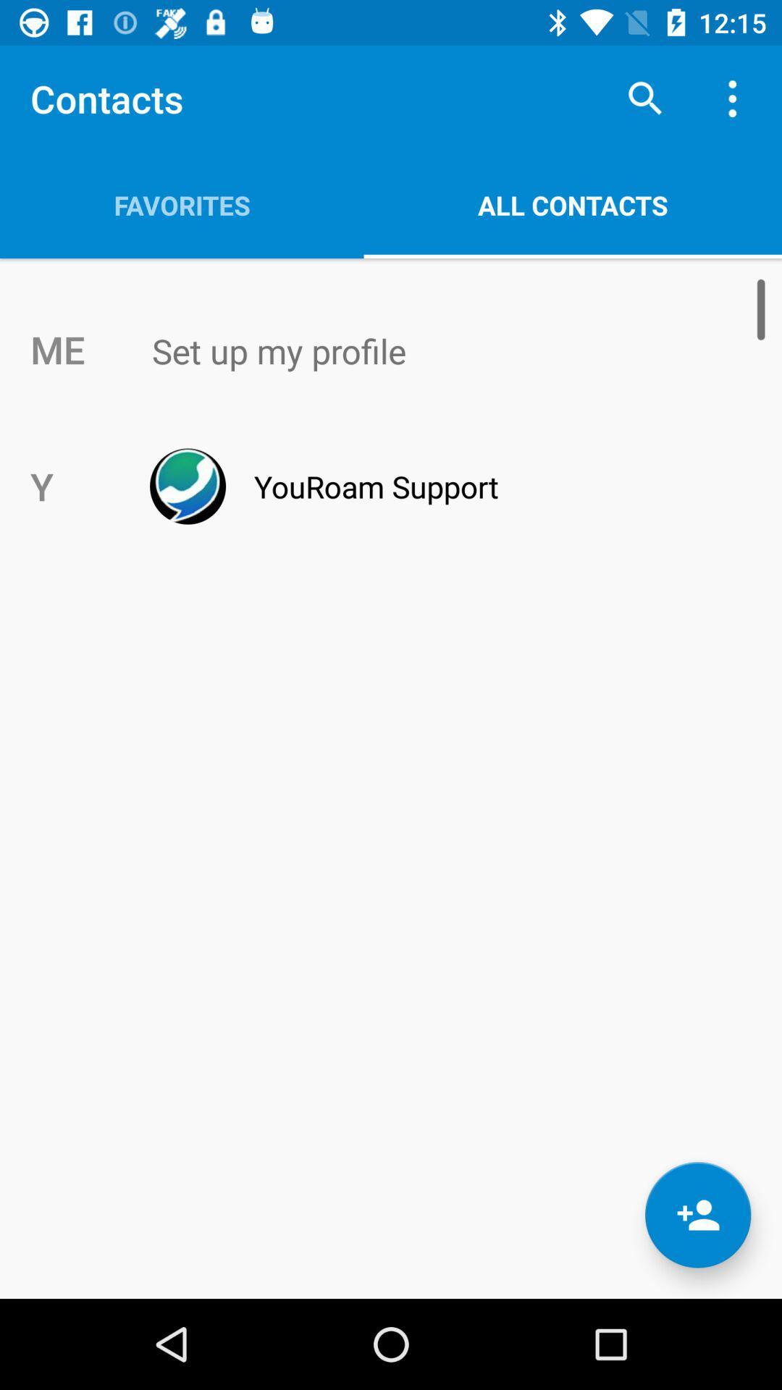  I want to click on the icon beside youroam support, so click(187, 486).